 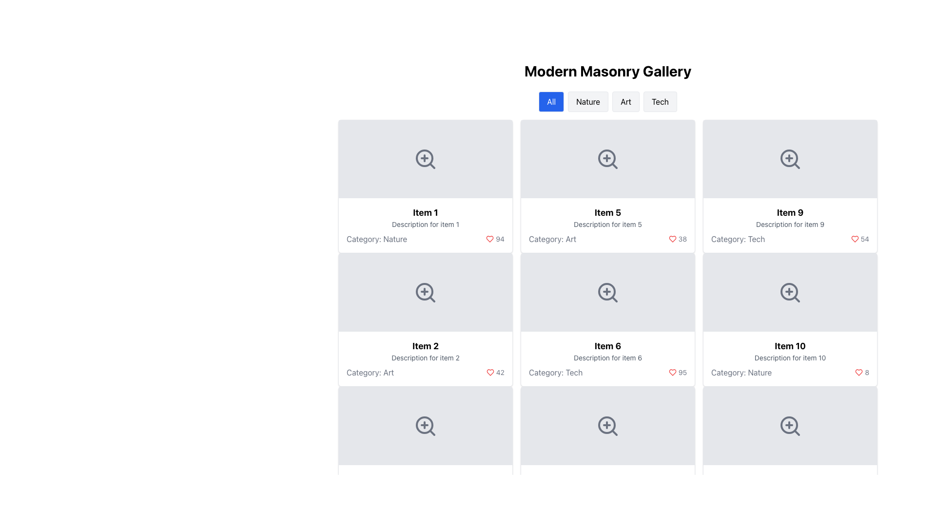 What do you see at coordinates (426, 159) in the screenshot?
I see `the gray magnifying glass icon with a '+' symbol inside the lens, located in the center of the top-left square card under the 'Modern Masonry Gallery' header` at bounding box center [426, 159].